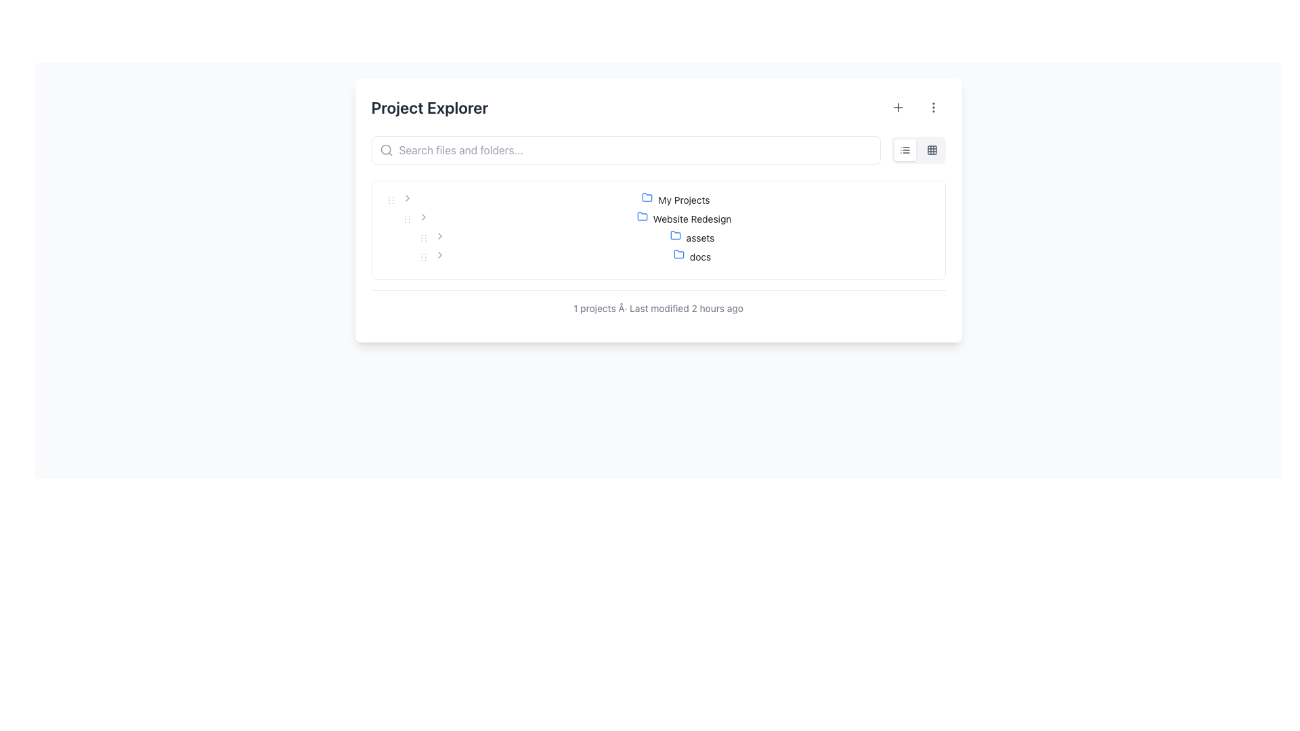 This screenshot has width=1300, height=731. I want to click on the grid icon button, which is a modern design composed of nine smaller squares arranged in a 3x3 pattern, located on the right side of the toolbar, so click(931, 150).